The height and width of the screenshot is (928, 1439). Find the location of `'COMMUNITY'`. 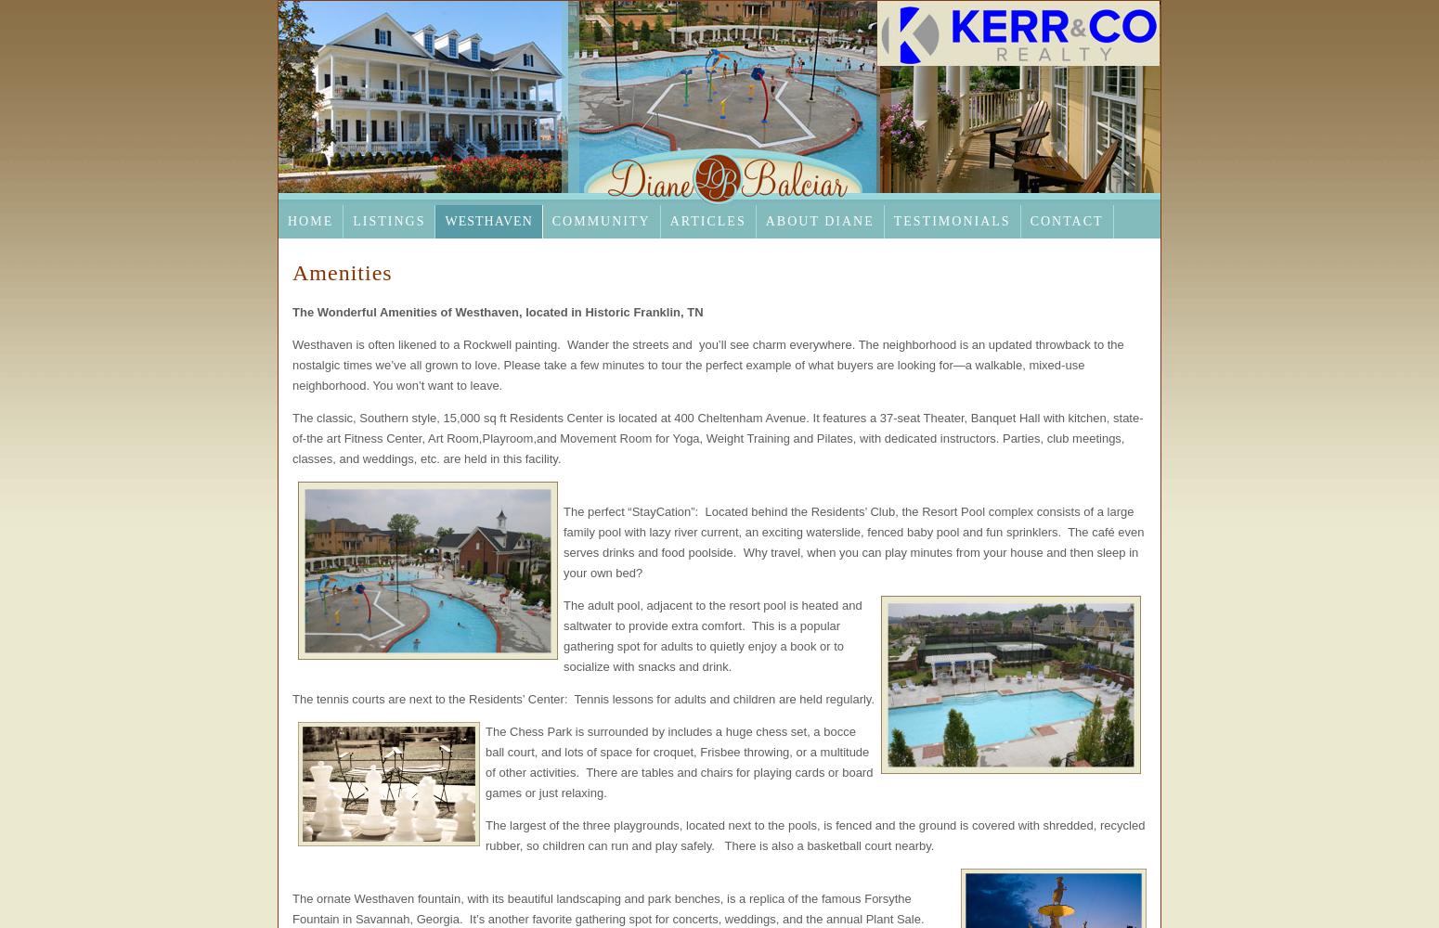

'COMMUNITY' is located at coordinates (599, 220).